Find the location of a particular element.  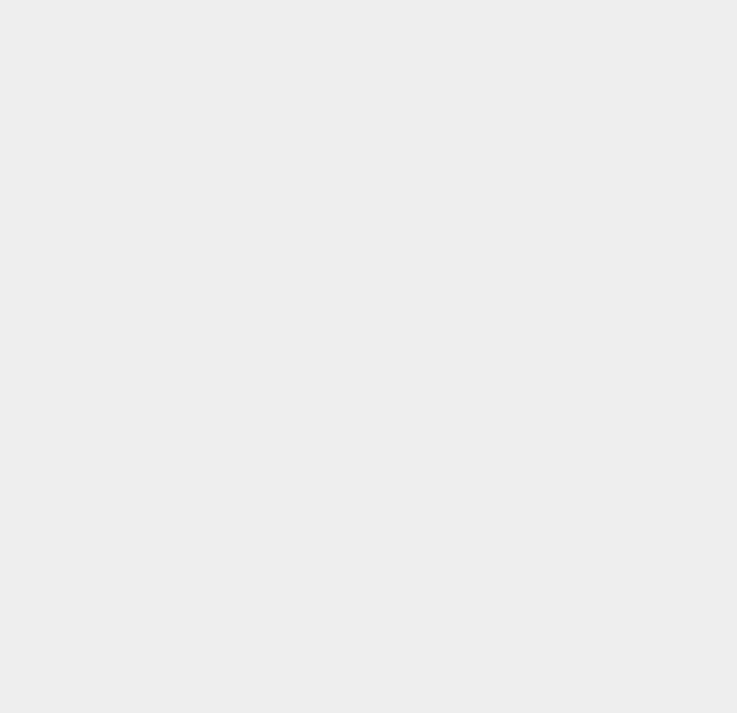

'macOS Server' is located at coordinates (550, 401).